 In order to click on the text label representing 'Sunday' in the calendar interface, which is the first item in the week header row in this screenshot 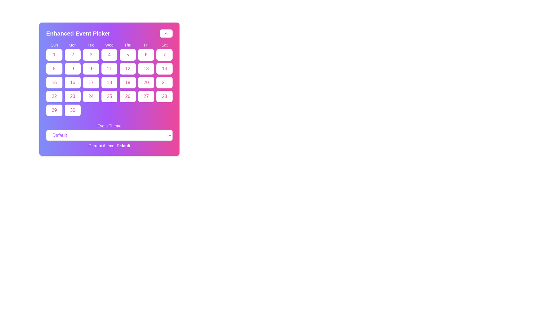, I will do `click(54, 44)`.